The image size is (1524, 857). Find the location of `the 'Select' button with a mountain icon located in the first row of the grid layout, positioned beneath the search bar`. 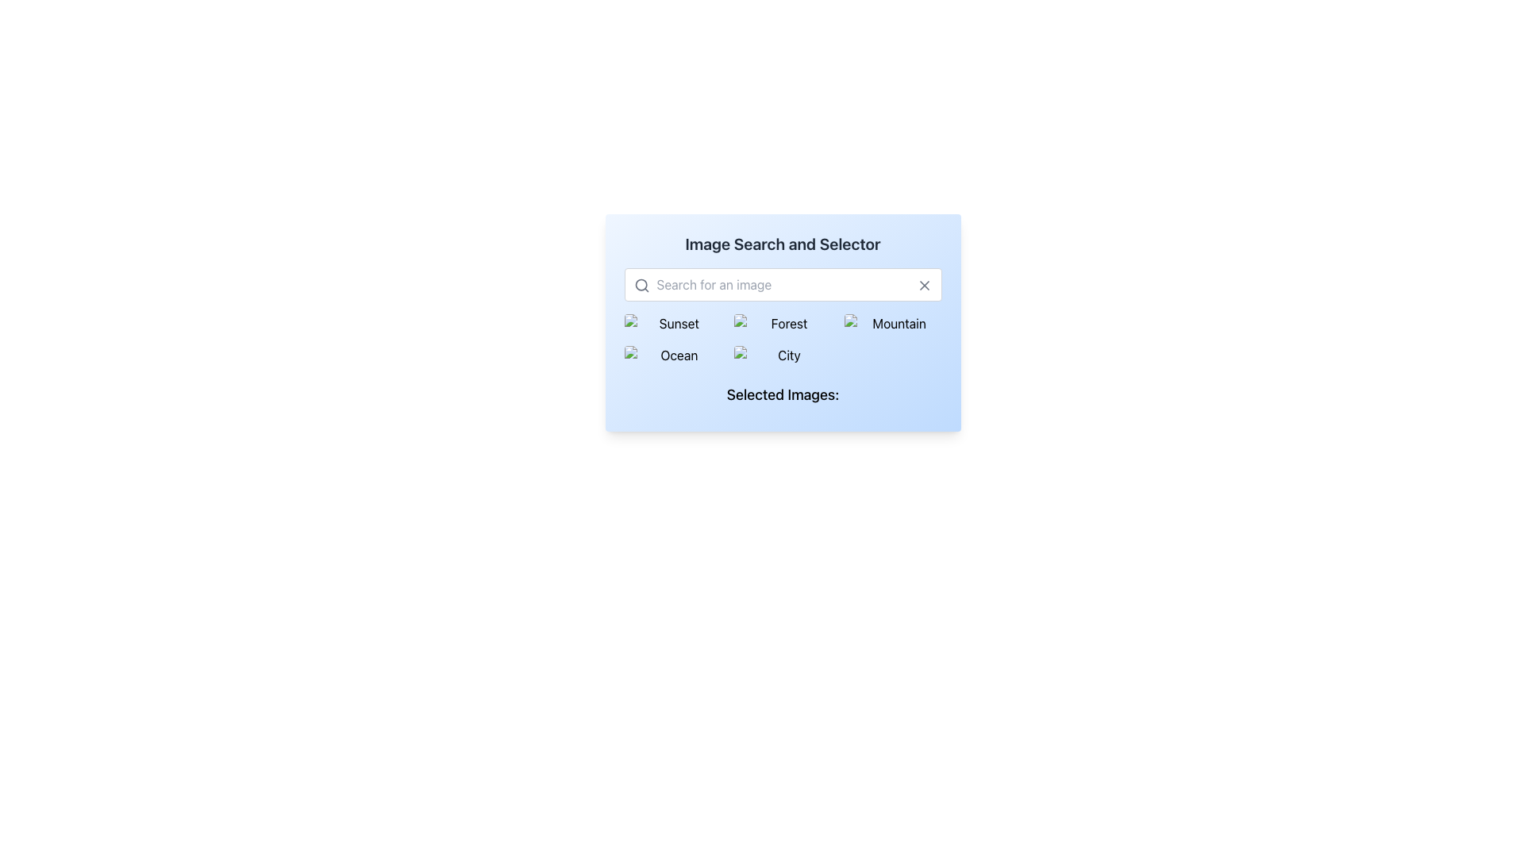

the 'Select' button with a mountain icon located in the first row of the grid layout, positioned beneath the search bar is located at coordinates (893, 323).